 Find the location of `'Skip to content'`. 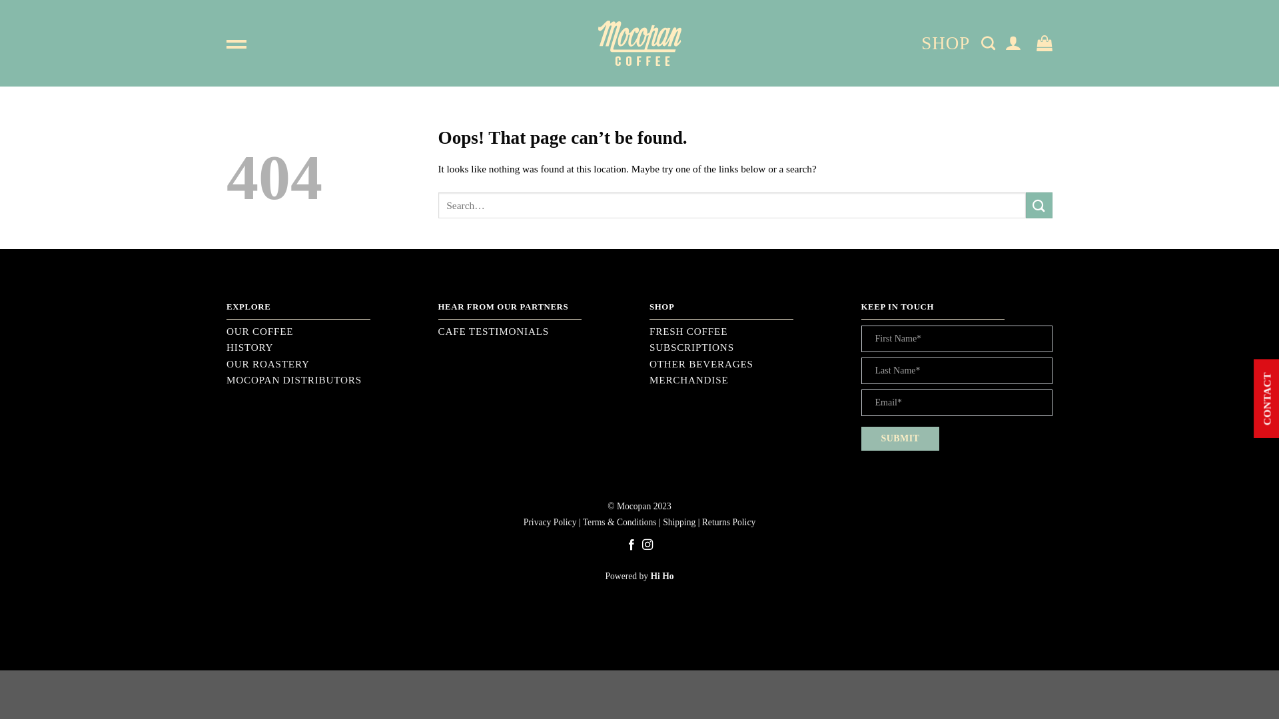

'Skip to content' is located at coordinates (0, 0).